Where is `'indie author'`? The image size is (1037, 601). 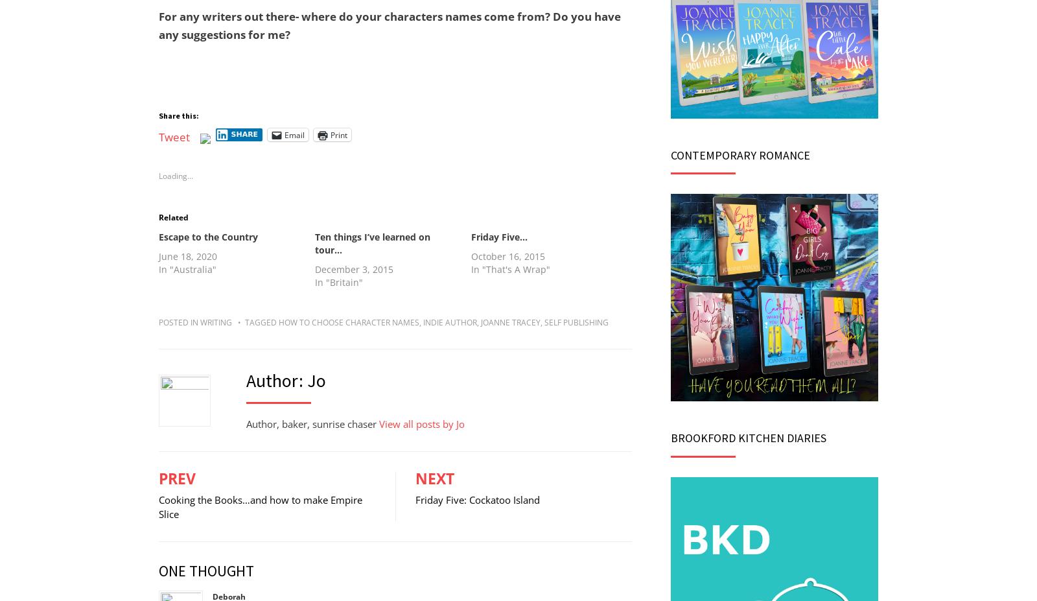
'indie author' is located at coordinates (423, 322).